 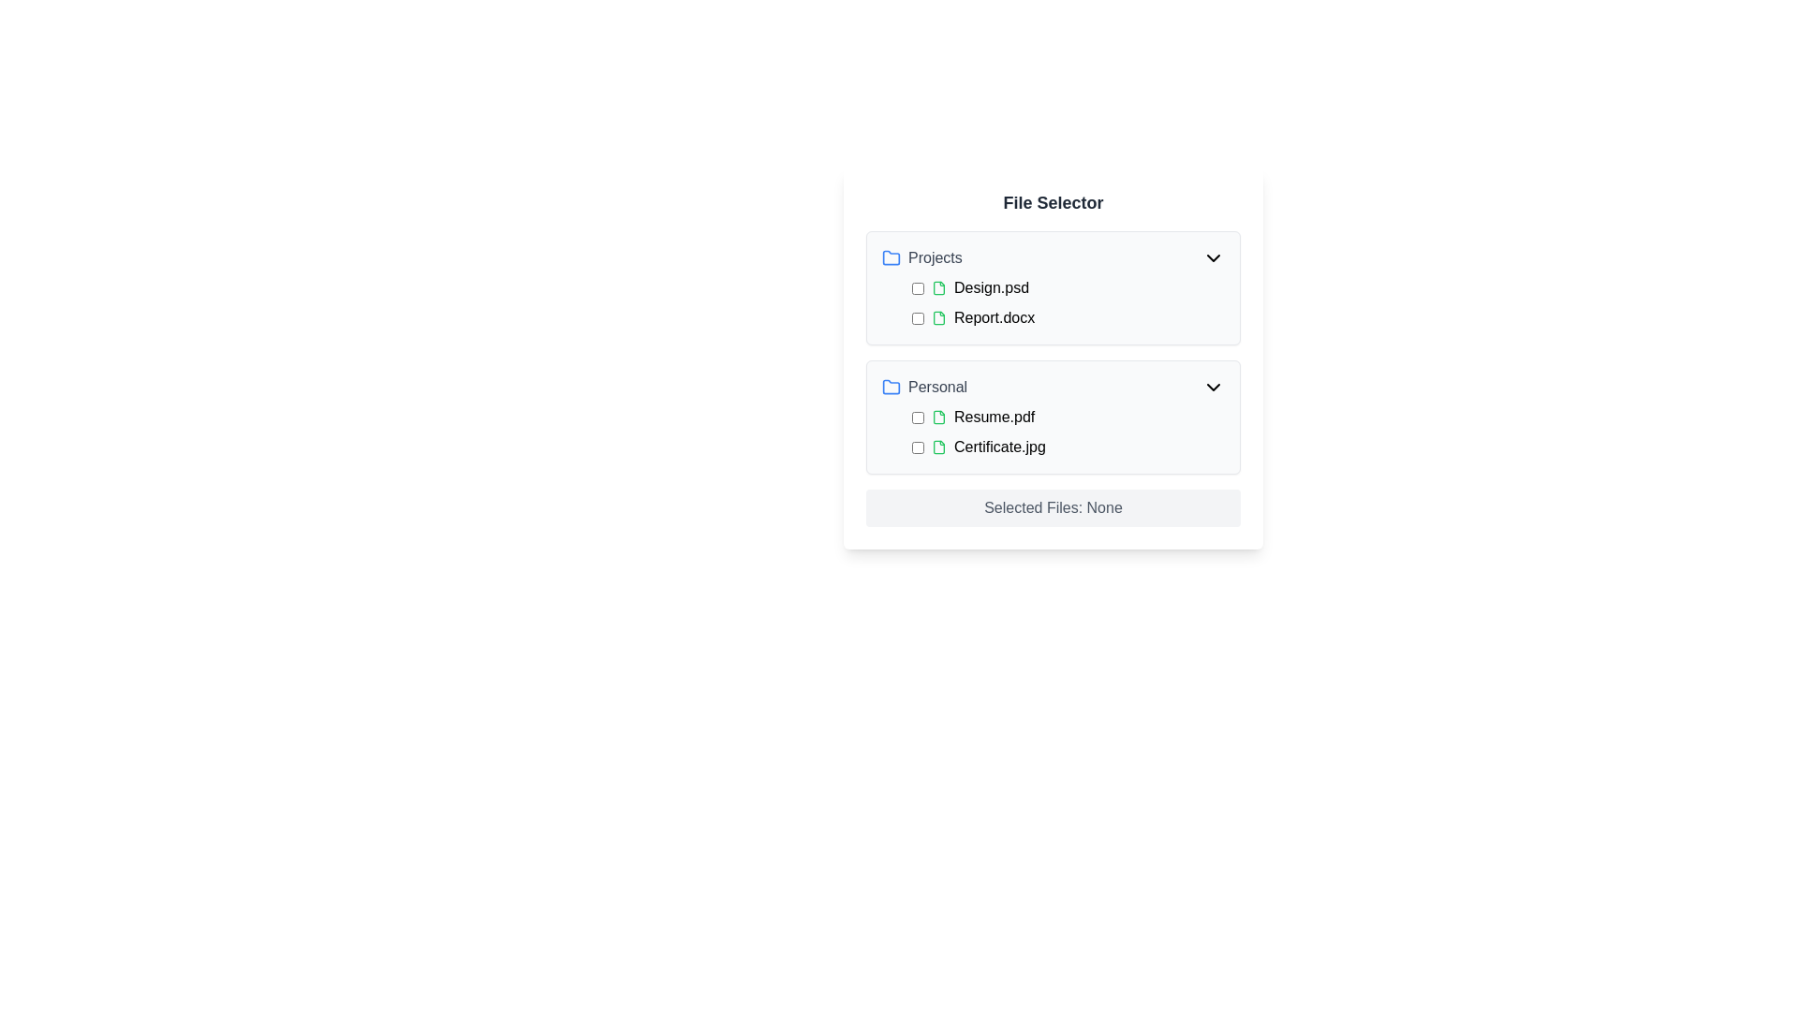 I want to click on the small green-colored file icon located next to the 'Resume.pdf' text in the 'Personal' section, so click(x=939, y=417).